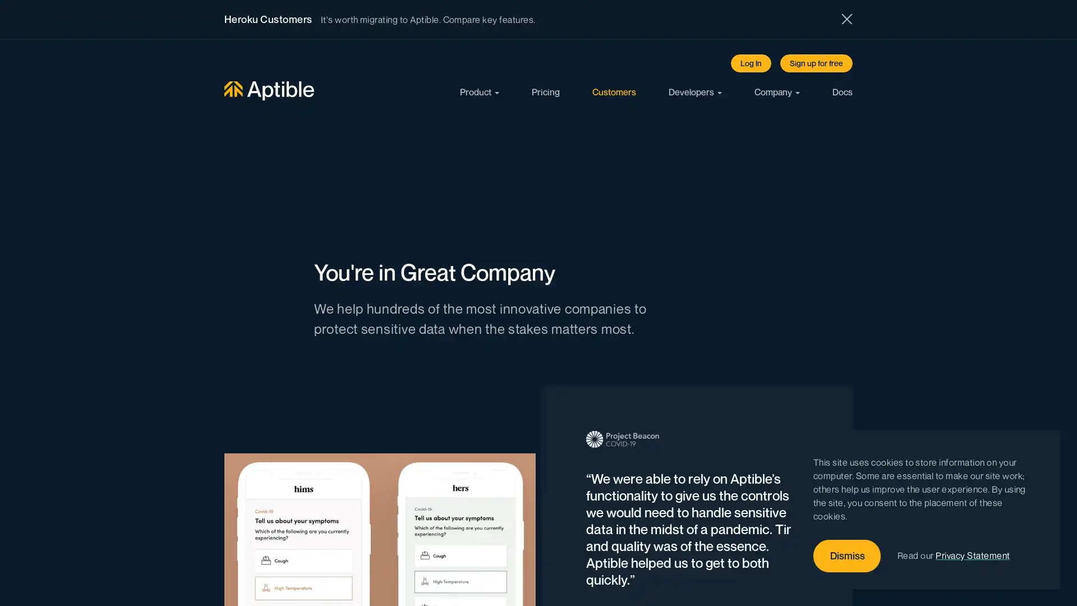 The width and height of the screenshot is (1077, 606). Describe the element at coordinates (816, 63) in the screenshot. I see `Sign up for free` at that location.